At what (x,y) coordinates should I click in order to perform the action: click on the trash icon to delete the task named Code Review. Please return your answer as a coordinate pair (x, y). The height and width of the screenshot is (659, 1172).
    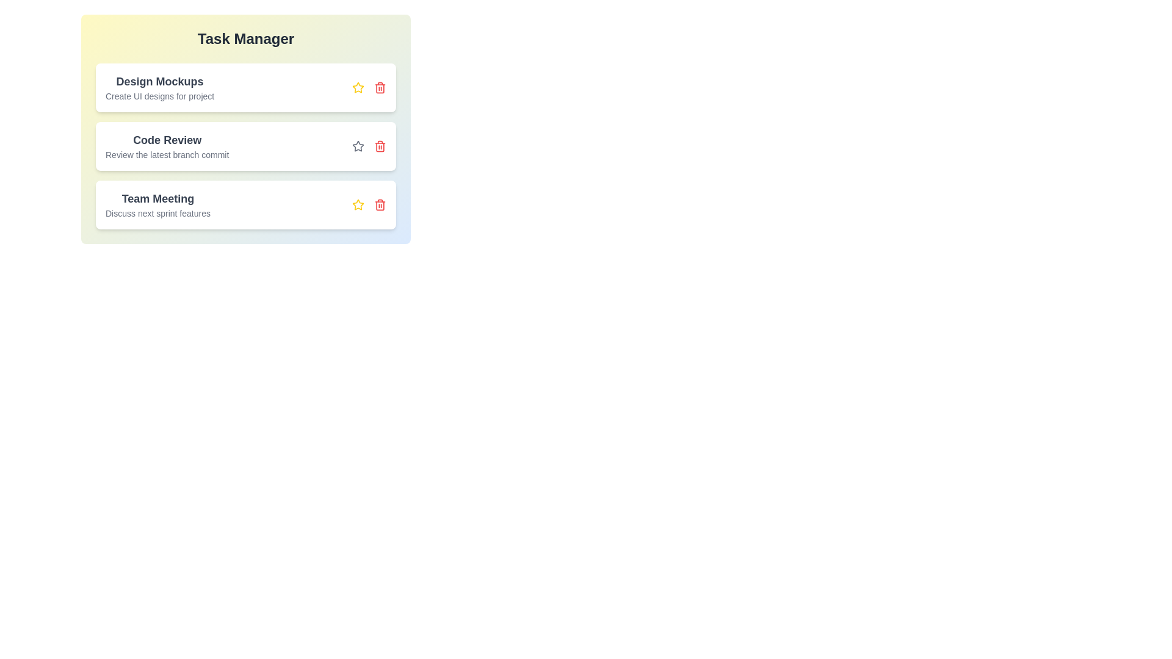
    Looking at the image, I should click on (380, 145).